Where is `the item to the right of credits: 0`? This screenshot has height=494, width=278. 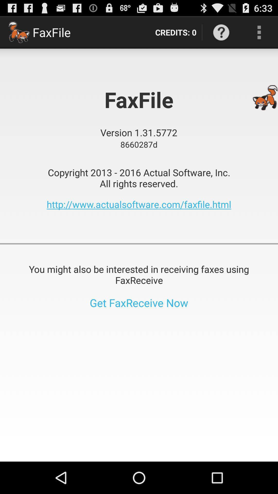
the item to the right of credits: 0 is located at coordinates (221, 32).